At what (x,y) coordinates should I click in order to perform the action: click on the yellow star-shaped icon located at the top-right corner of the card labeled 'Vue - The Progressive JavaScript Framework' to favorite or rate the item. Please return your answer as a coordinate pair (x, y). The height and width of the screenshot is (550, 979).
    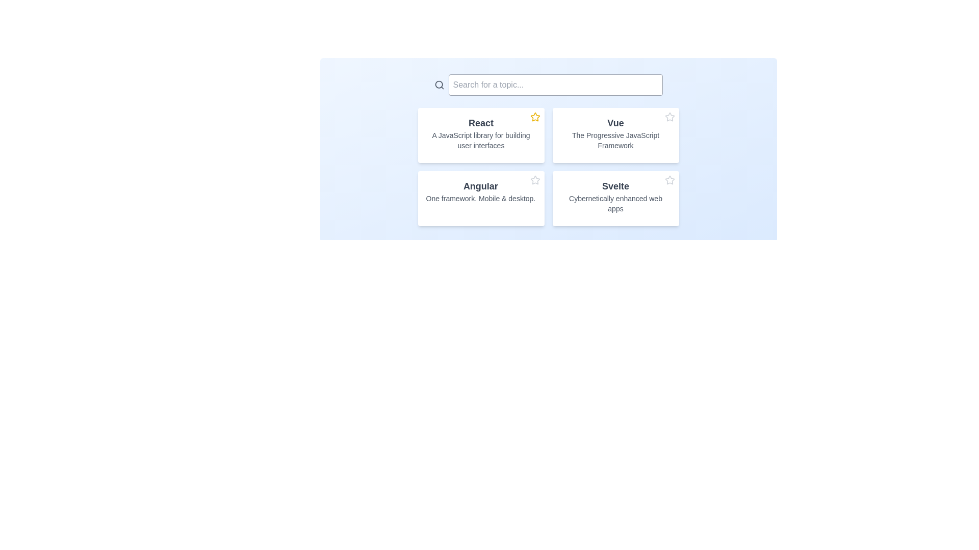
    Looking at the image, I should click on (669, 117).